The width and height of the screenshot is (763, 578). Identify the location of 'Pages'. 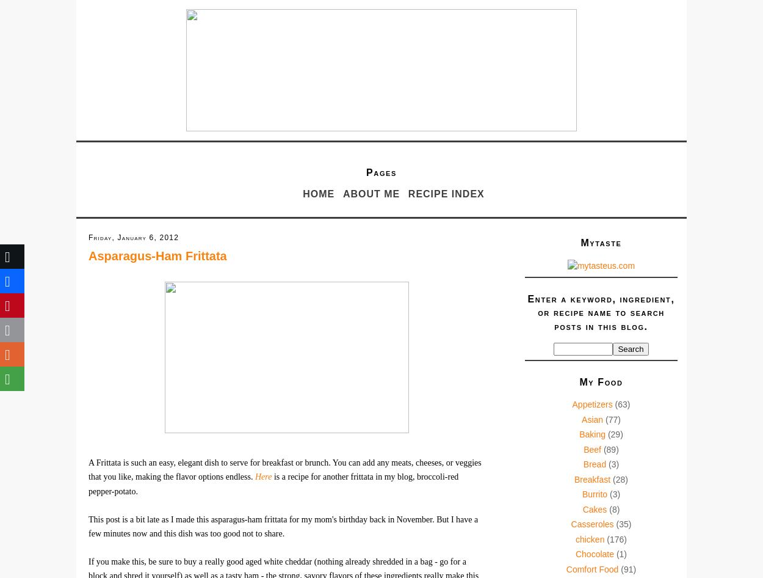
(380, 172).